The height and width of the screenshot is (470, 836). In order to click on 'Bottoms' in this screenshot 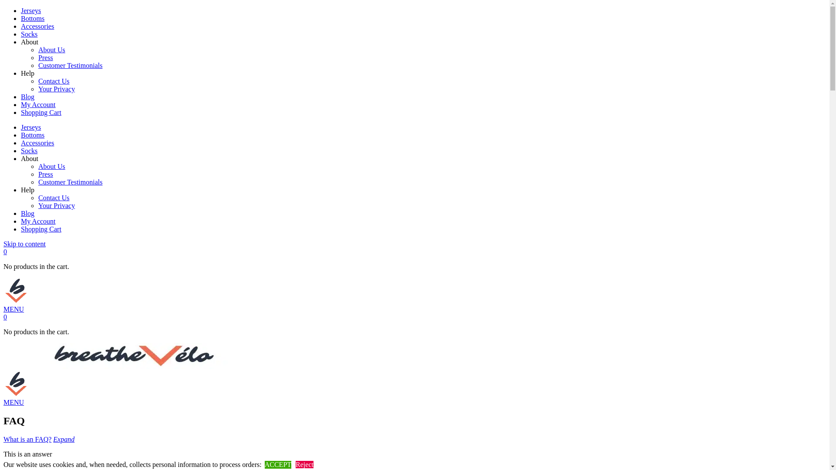, I will do `click(33, 135)`.